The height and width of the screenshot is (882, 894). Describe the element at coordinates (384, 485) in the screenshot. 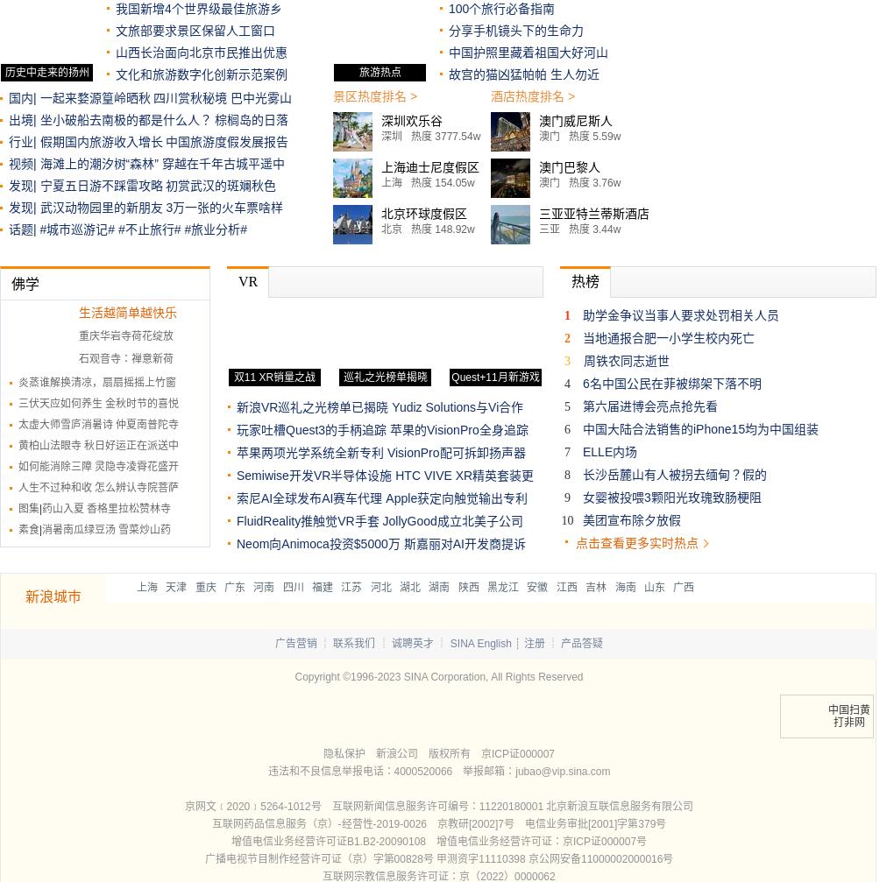

I see `'HTC VIVE XR精英套装更新'` at that location.